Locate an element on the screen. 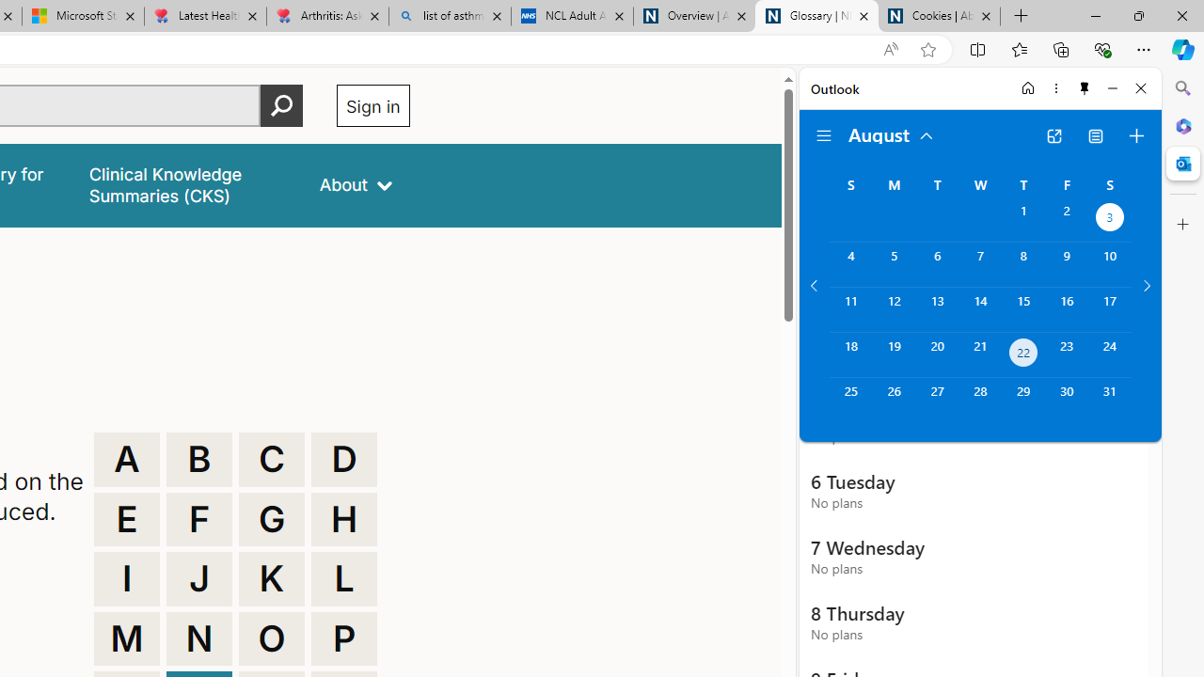 Image resolution: width=1204 pixels, height=677 pixels. 'Sunday, August 4, 2024. ' is located at coordinates (849, 264).